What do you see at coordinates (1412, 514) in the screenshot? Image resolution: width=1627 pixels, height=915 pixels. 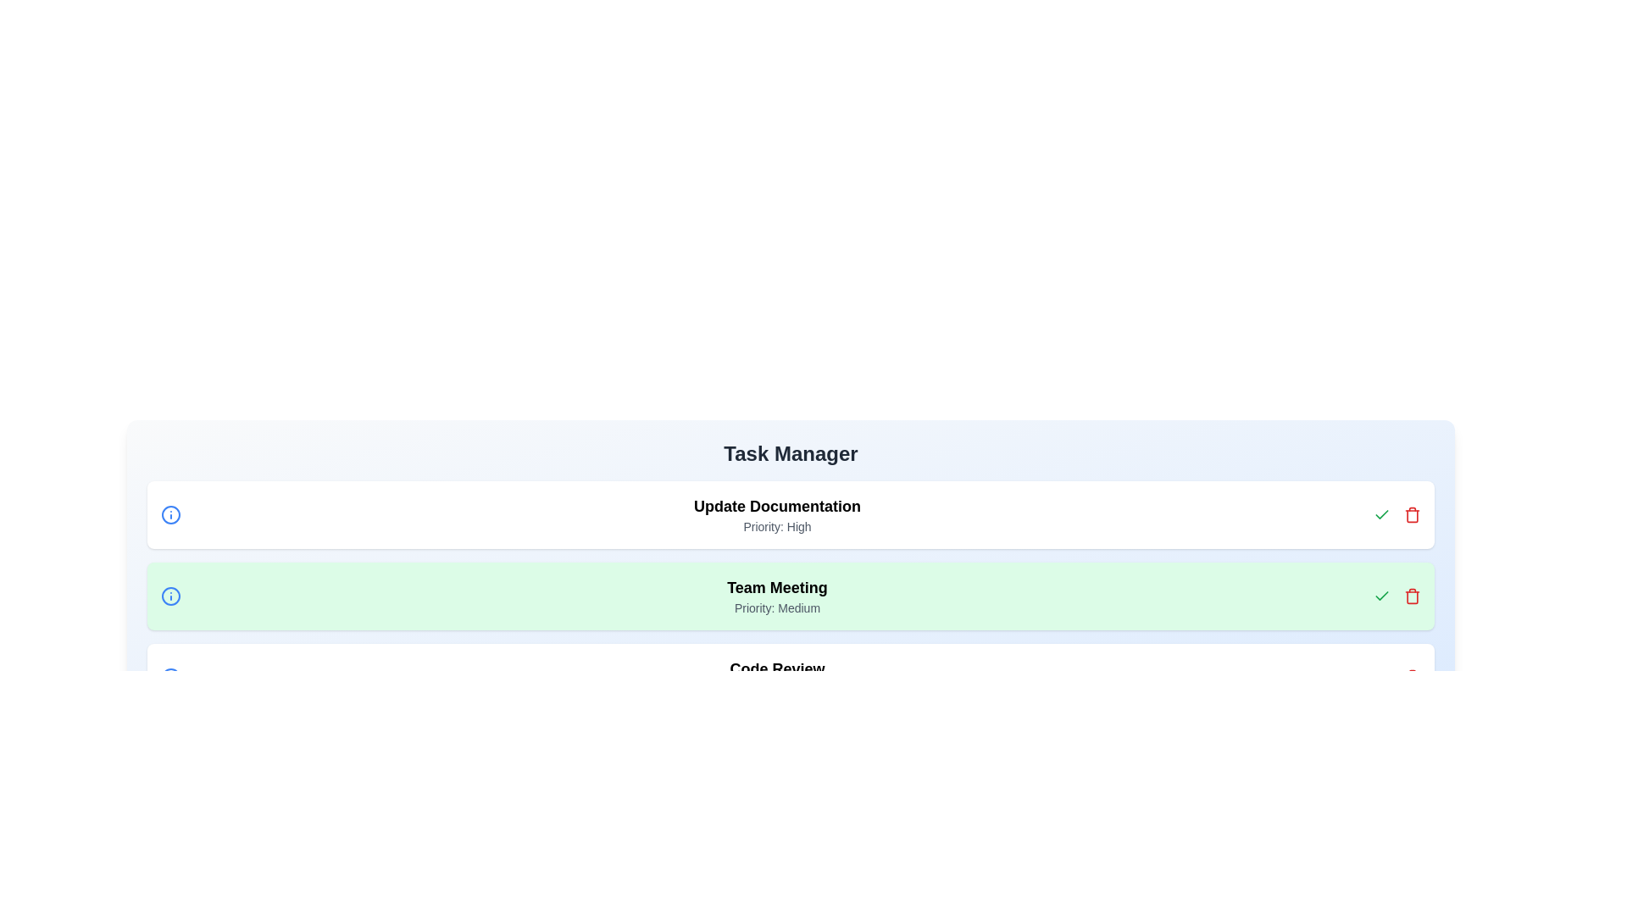 I see `the red trash button next to the 'Update Documentation' task to delete it` at bounding box center [1412, 514].